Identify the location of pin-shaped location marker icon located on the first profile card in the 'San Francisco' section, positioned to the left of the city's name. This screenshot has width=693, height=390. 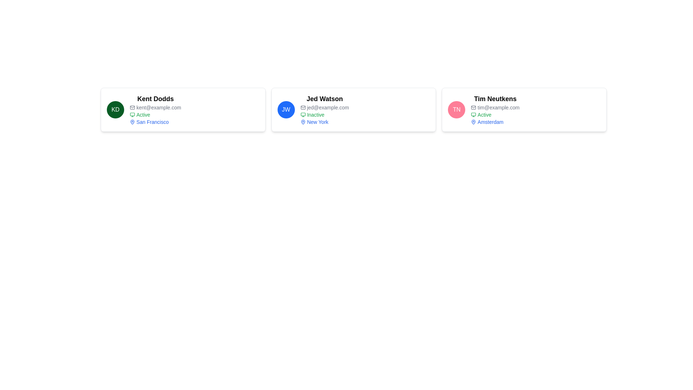
(132, 121).